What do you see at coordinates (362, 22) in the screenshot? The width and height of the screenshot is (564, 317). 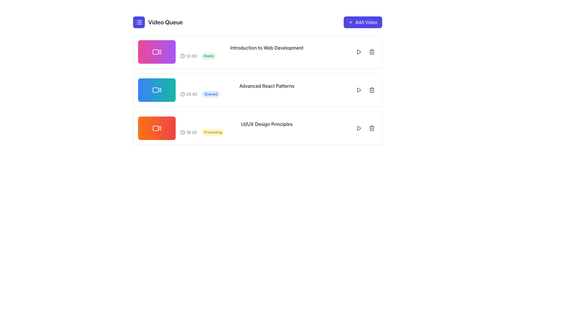 I see `the rounded rectangular button with a blue background and a white plus sign icon labeled 'Add Video'` at bounding box center [362, 22].